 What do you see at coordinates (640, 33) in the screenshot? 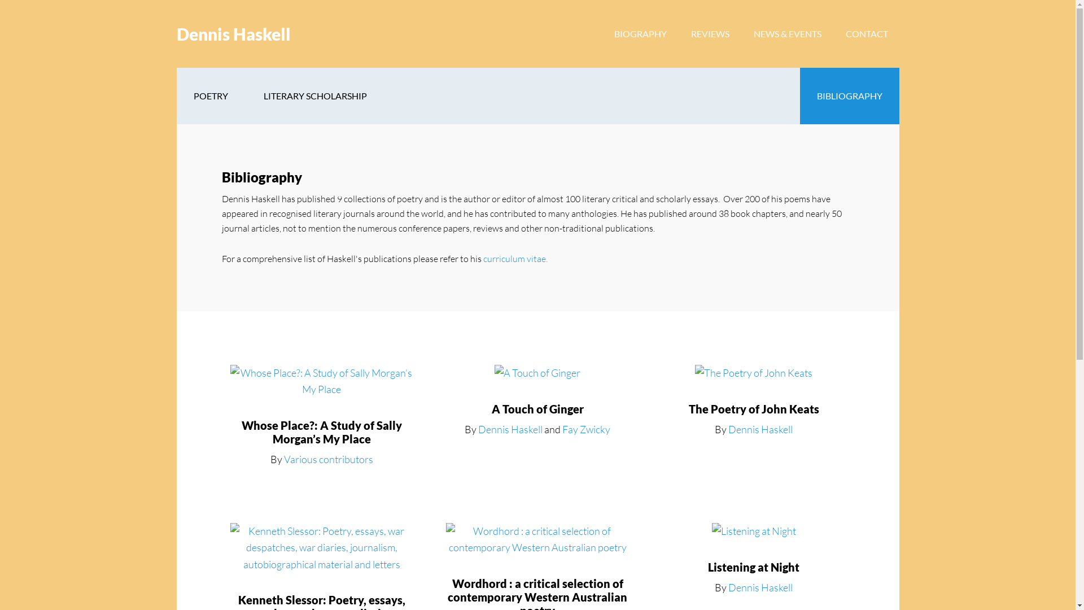
I see `'BIOGRAPHY'` at bounding box center [640, 33].